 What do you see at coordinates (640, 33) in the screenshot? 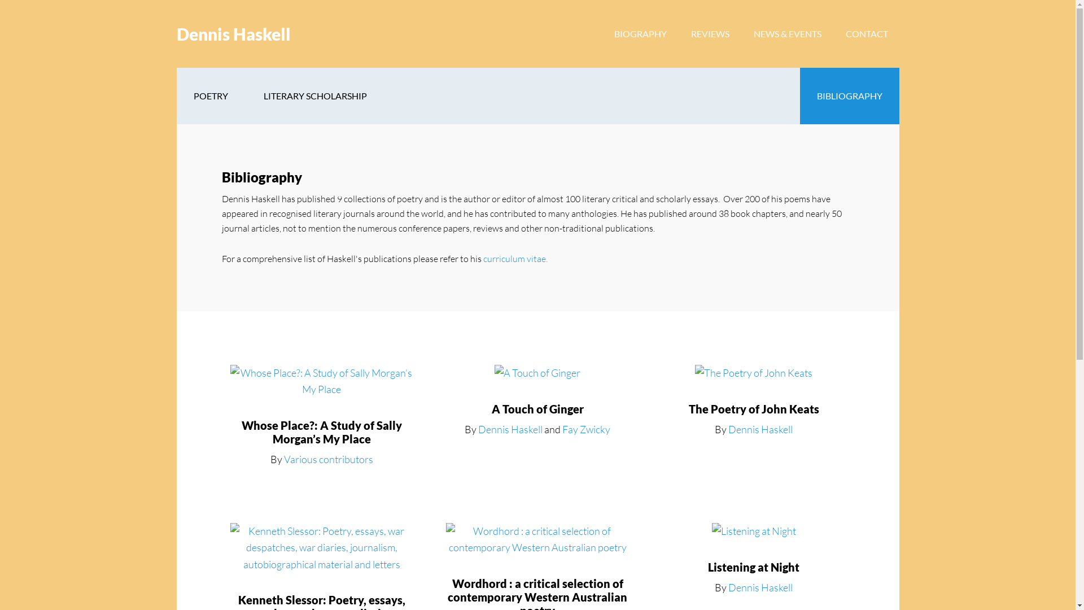
I see `'BIOGRAPHY'` at bounding box center [640, 33].